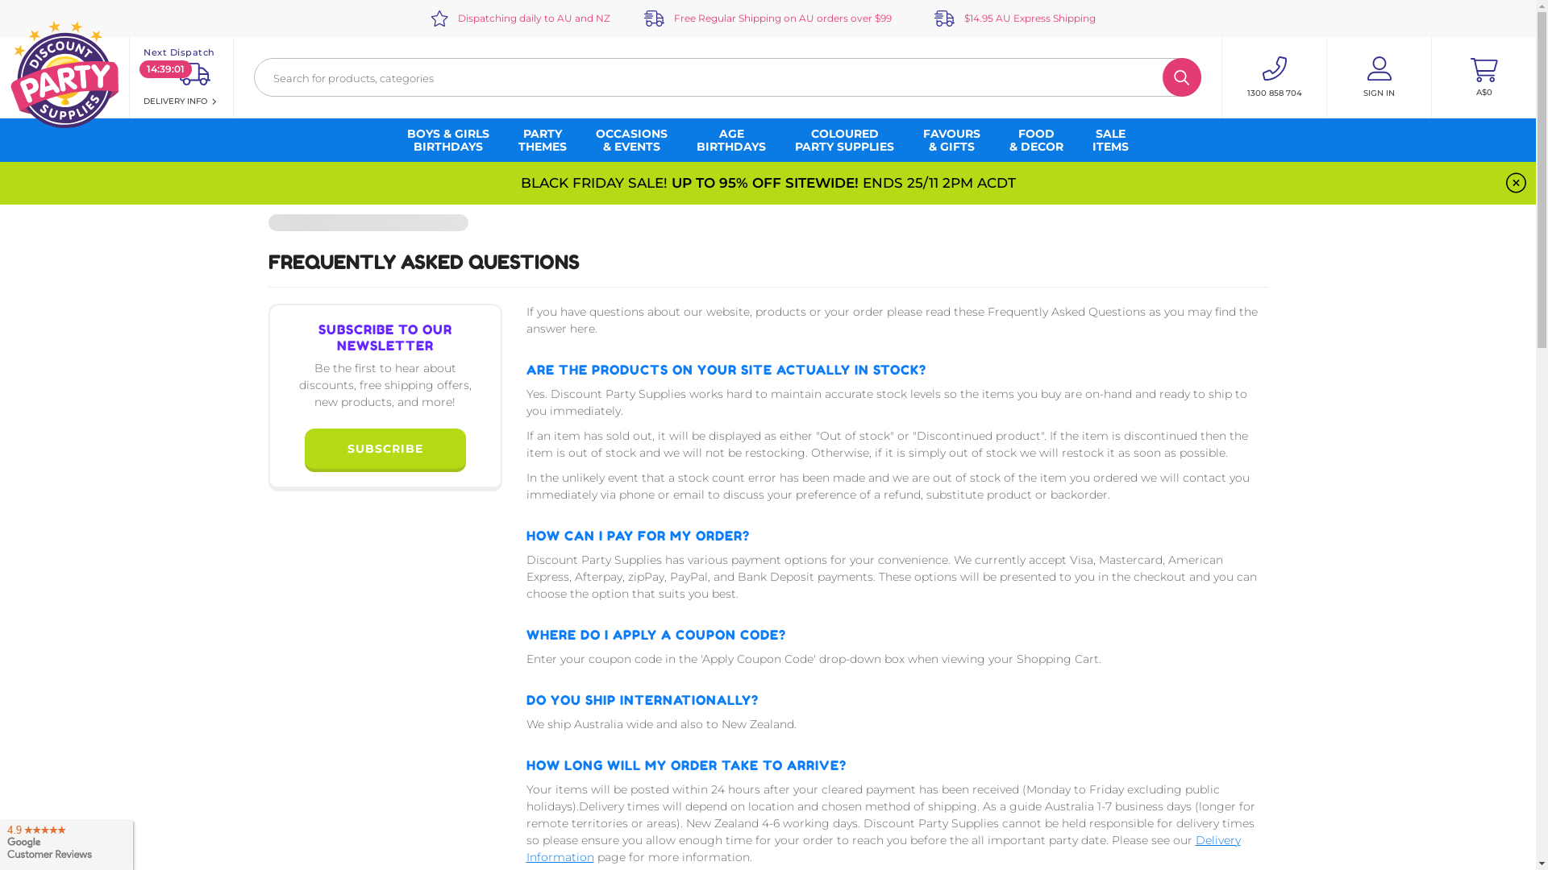  I want to click on 'PARTY, so click(542, 139).